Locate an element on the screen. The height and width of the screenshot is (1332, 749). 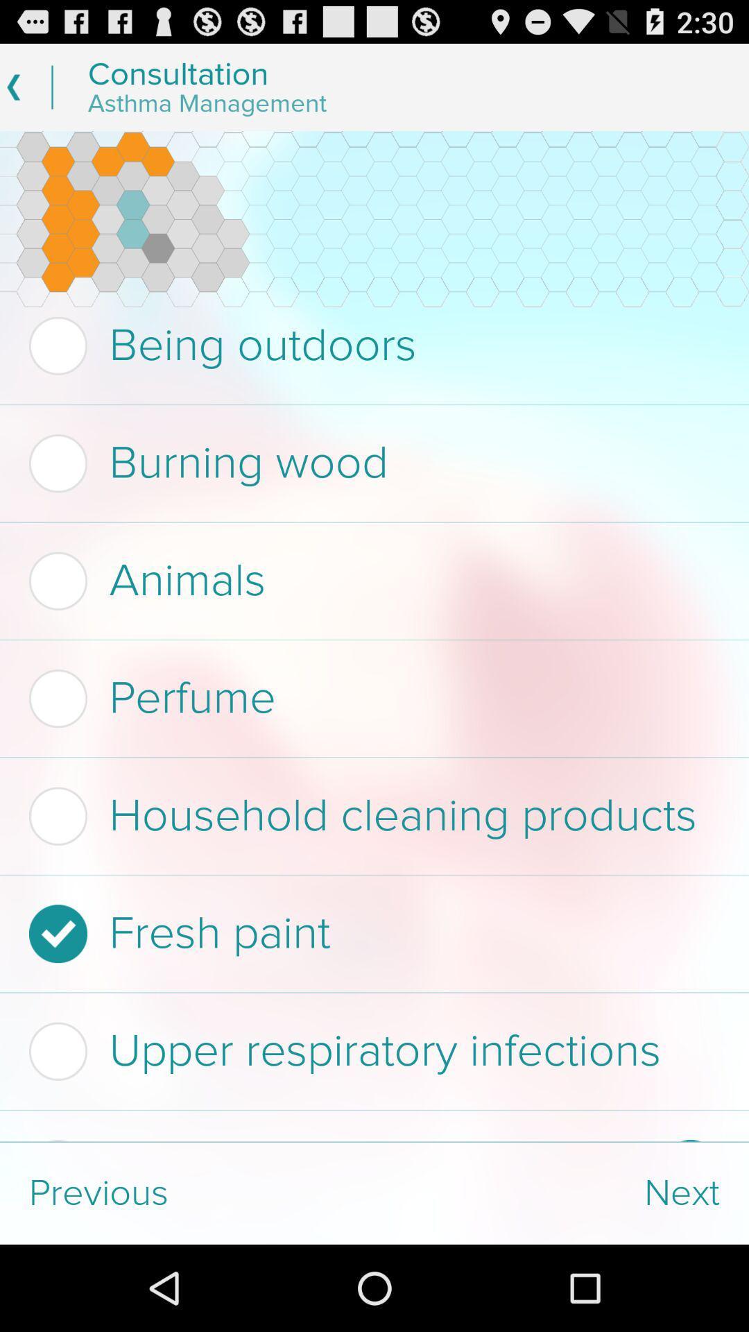
sulfites in food checkbox is located at coordinates (341, 1141).